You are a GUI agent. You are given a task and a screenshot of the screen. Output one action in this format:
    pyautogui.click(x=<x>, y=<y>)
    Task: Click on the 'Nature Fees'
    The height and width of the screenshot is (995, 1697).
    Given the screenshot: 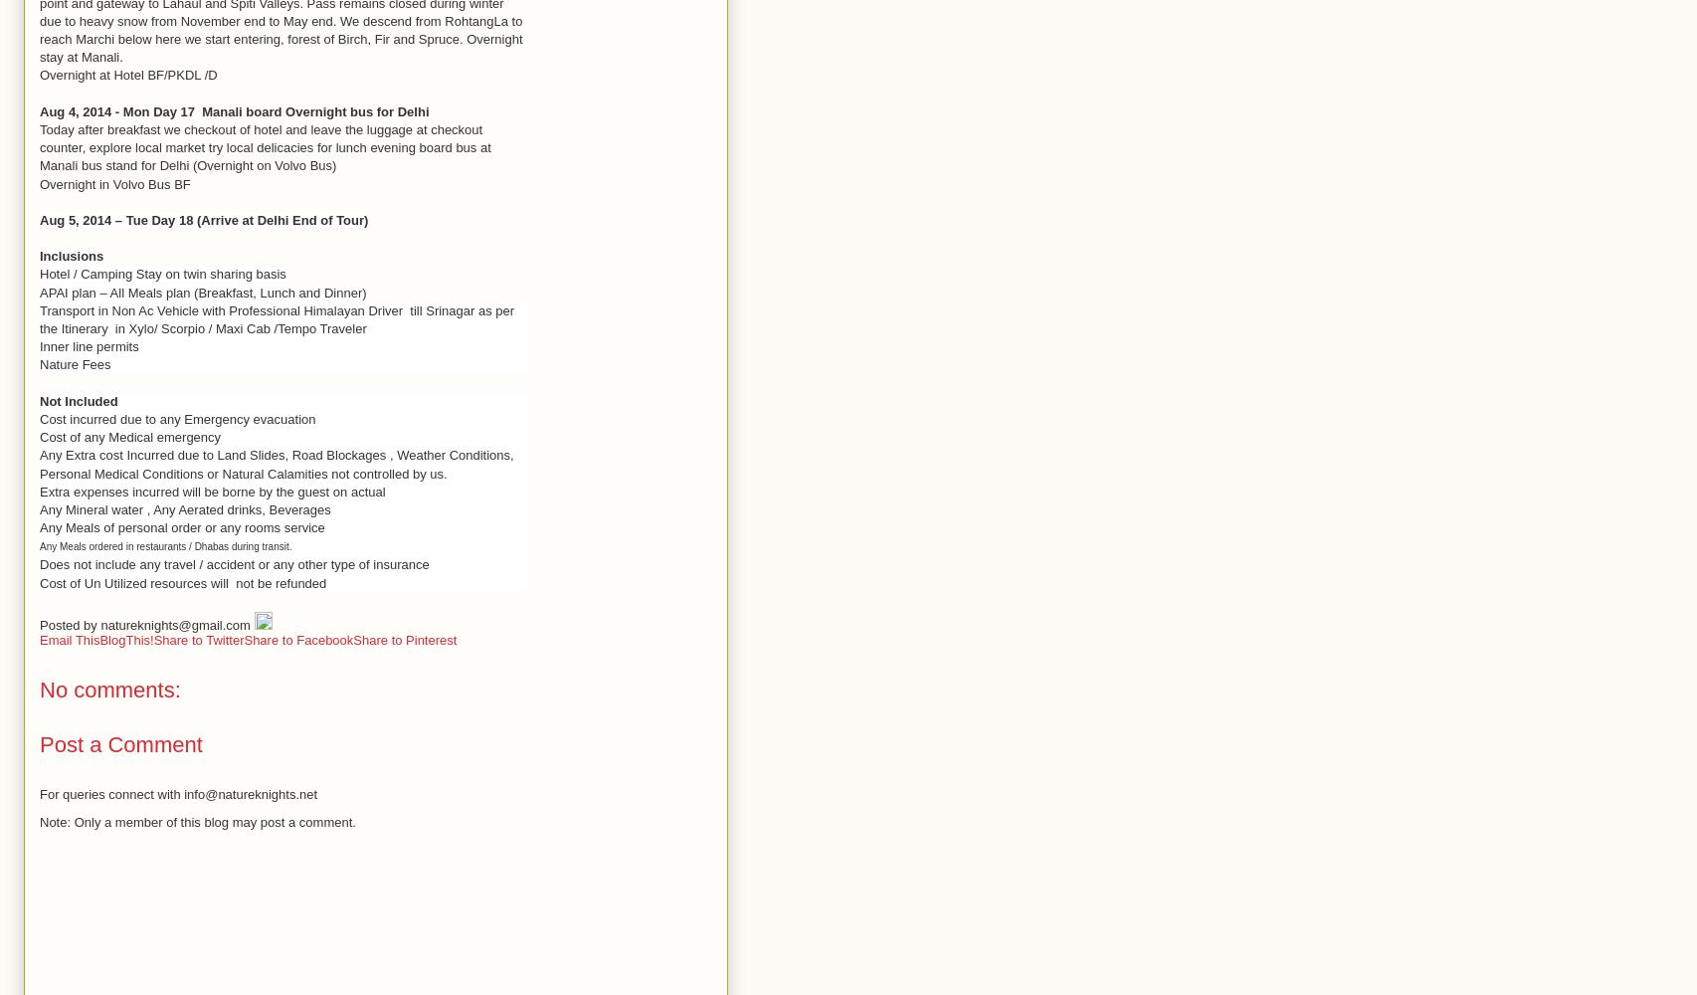 What is the action you would take?
    pyautogui.click(x=75, y=363)
    